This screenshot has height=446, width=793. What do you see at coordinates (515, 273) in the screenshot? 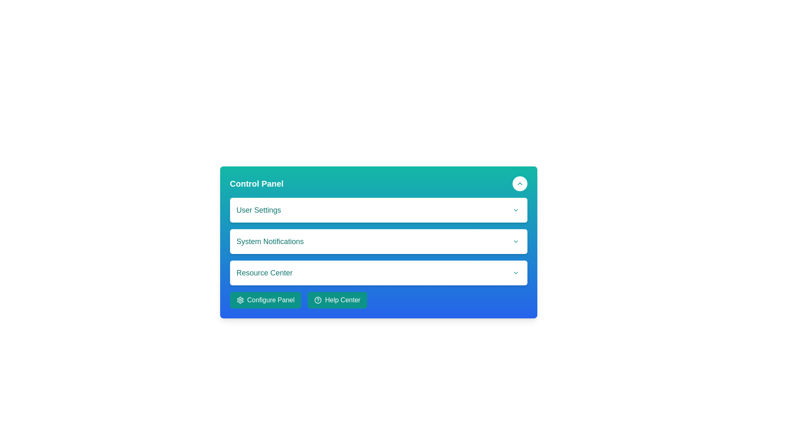
I see `the chevron icon in the bottom-right corner of the 'Resource Center' section` at bounding box center [515, 273].